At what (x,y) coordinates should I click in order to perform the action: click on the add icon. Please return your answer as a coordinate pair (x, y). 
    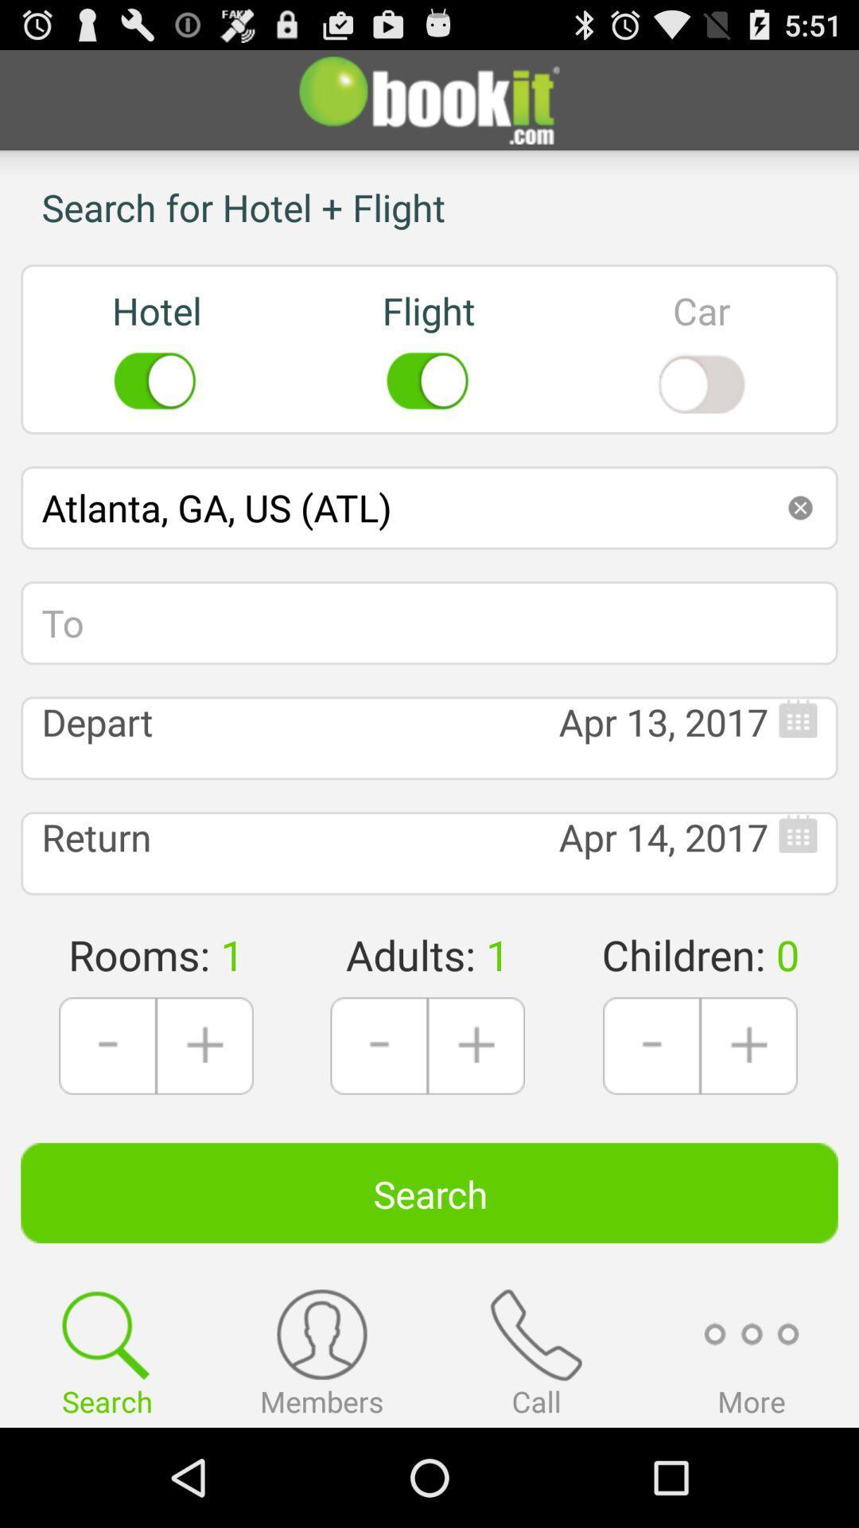
    Looking at the image, I should click on (475, 1118).